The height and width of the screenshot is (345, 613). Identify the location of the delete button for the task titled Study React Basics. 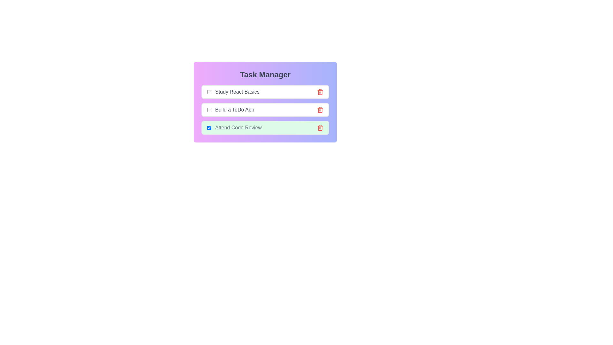
(320, 92).